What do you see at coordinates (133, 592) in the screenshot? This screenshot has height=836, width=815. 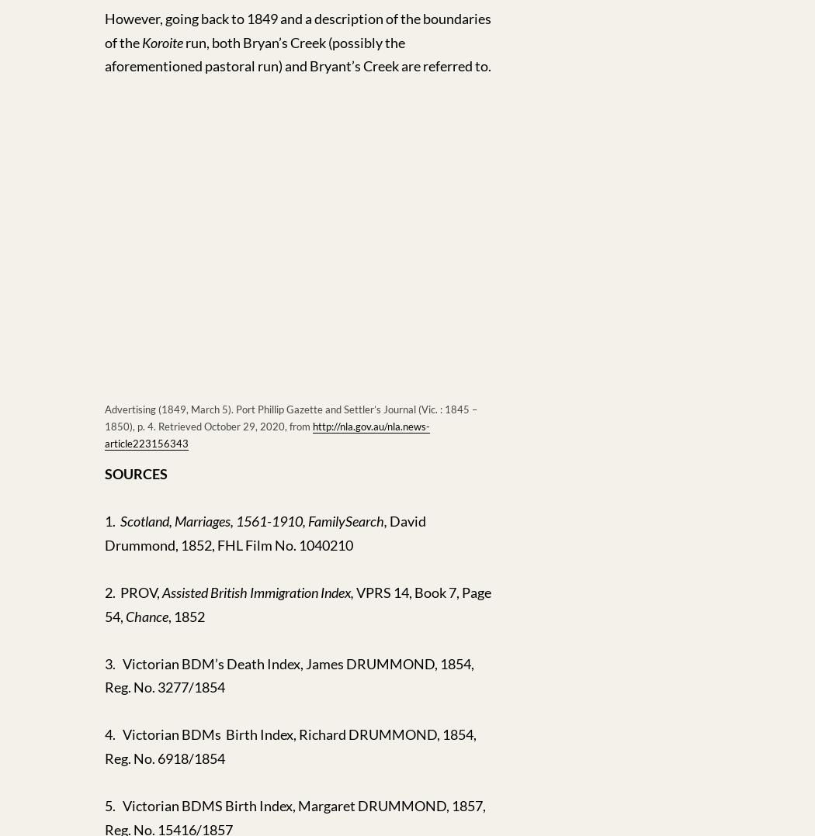 I see `'2.  PROV,'` at bounding box center [133, 592].